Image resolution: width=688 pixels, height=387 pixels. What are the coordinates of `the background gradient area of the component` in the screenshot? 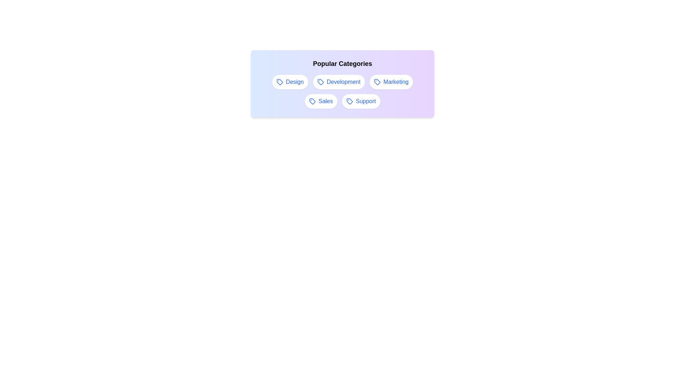 It's located at (342, 83).